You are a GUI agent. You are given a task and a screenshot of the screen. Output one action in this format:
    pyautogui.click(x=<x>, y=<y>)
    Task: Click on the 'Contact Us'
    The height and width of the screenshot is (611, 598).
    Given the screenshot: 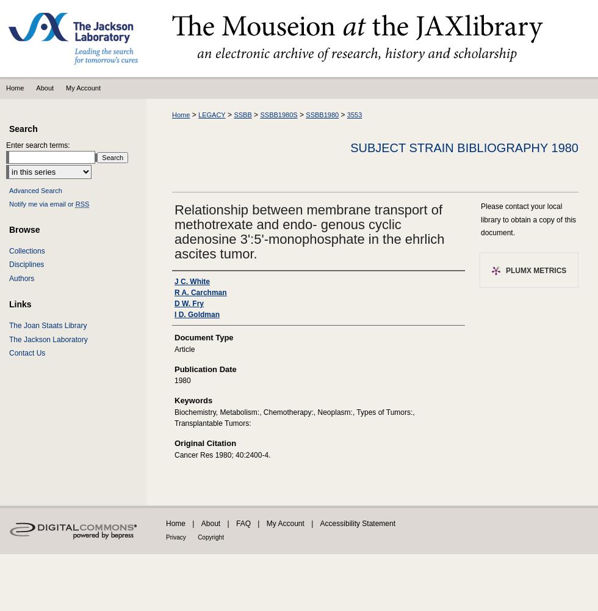 What is the action you would take?
    pyautogui.click(x=27, y=352)
    